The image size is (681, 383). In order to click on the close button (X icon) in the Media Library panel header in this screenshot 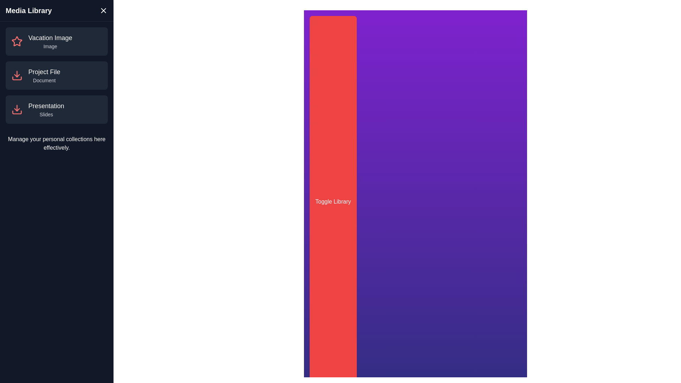, I will do `click(103, 11)`.